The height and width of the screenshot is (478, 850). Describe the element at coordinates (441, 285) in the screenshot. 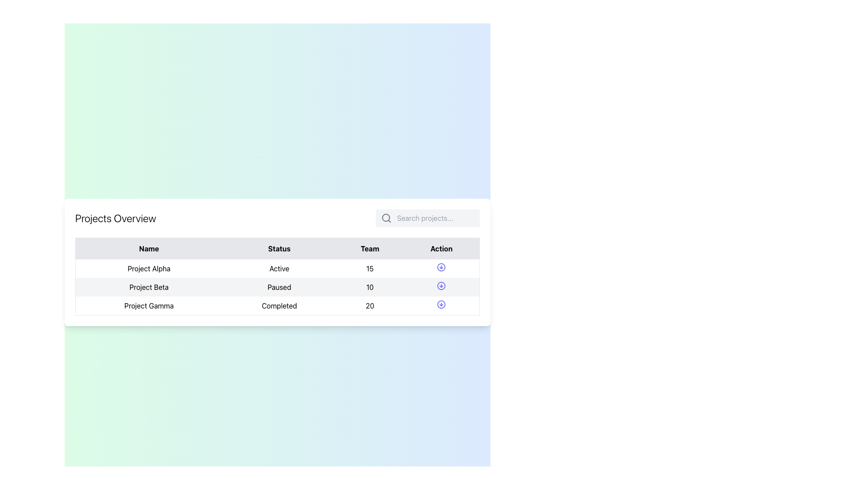

I see `the filled circular element inside the 'circle-arrow-down' icon in the 'Action' column for 'Project Beta'` at that location.